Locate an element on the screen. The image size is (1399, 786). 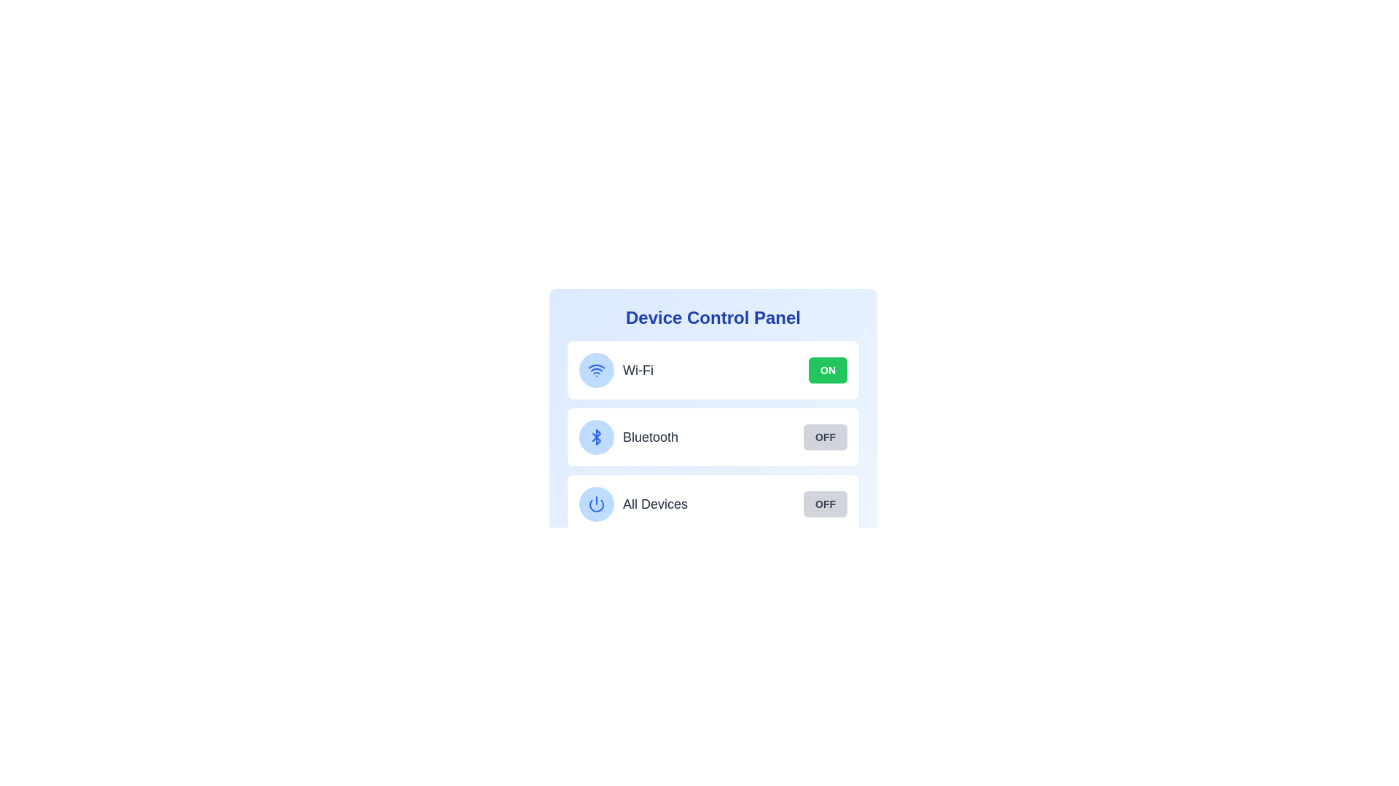
the power symbol icon, which is a blue circular outline with a vertical line in the center, located to the left of the 'All Devices' text in the last entry of the Device Control Panel is located at coordinates (597, 504).